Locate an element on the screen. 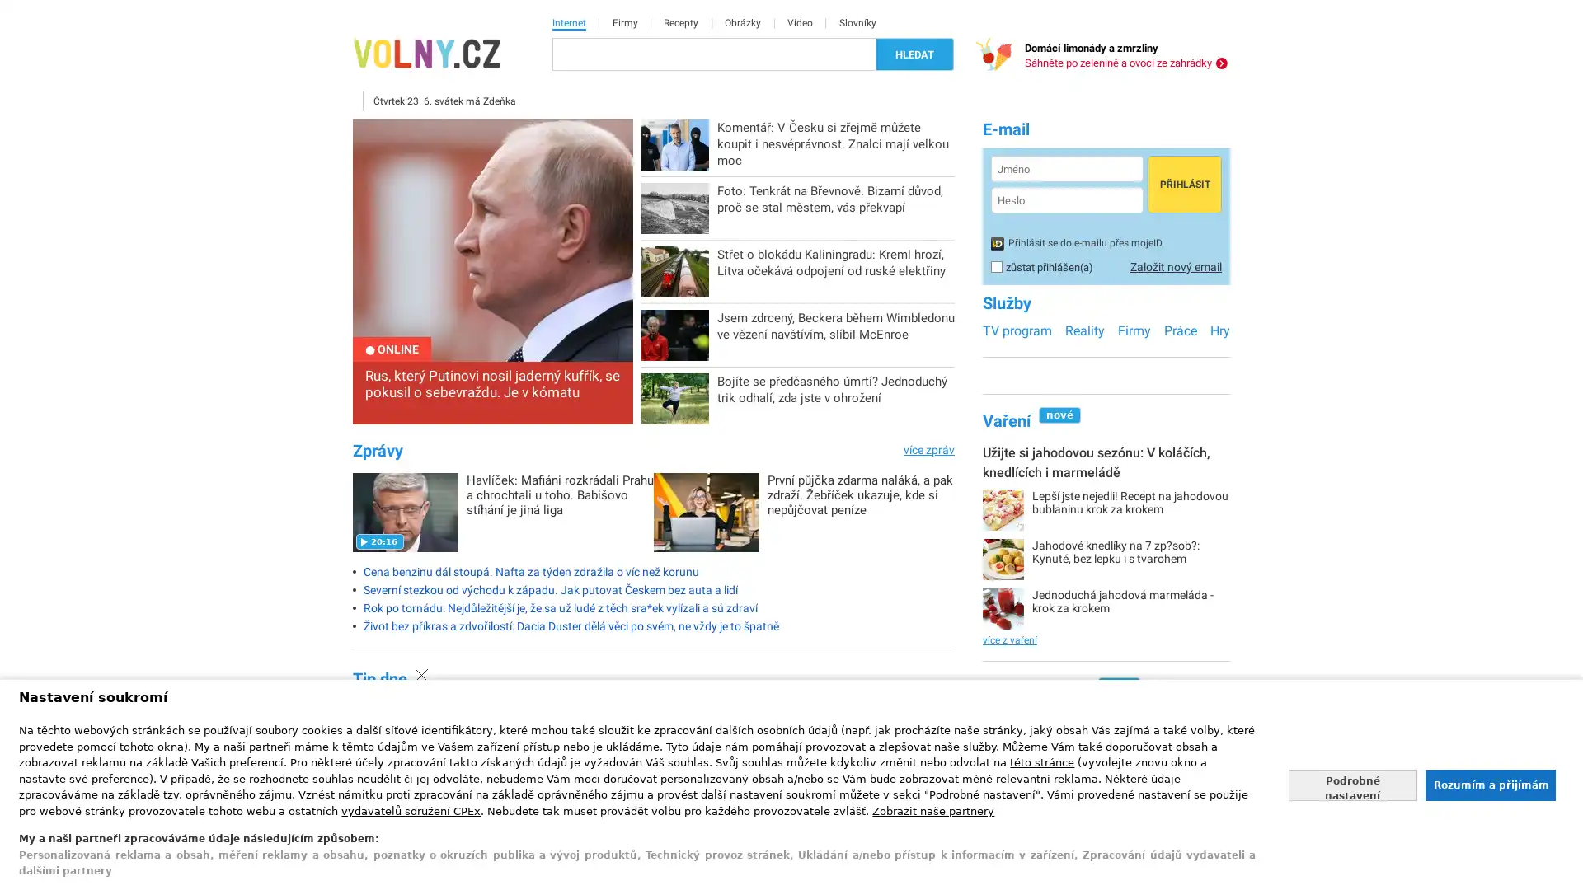 The width and height of the screenshot is (1583, 890). Zobrazit nase partnery is located at coordinates (933, 809).